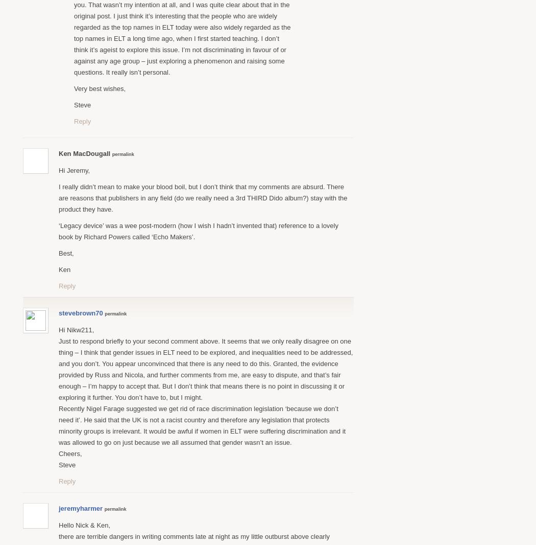 The width and height of the screenshot is (536, 545). I want to click on 'jeremyharmer', so click(81, 508).